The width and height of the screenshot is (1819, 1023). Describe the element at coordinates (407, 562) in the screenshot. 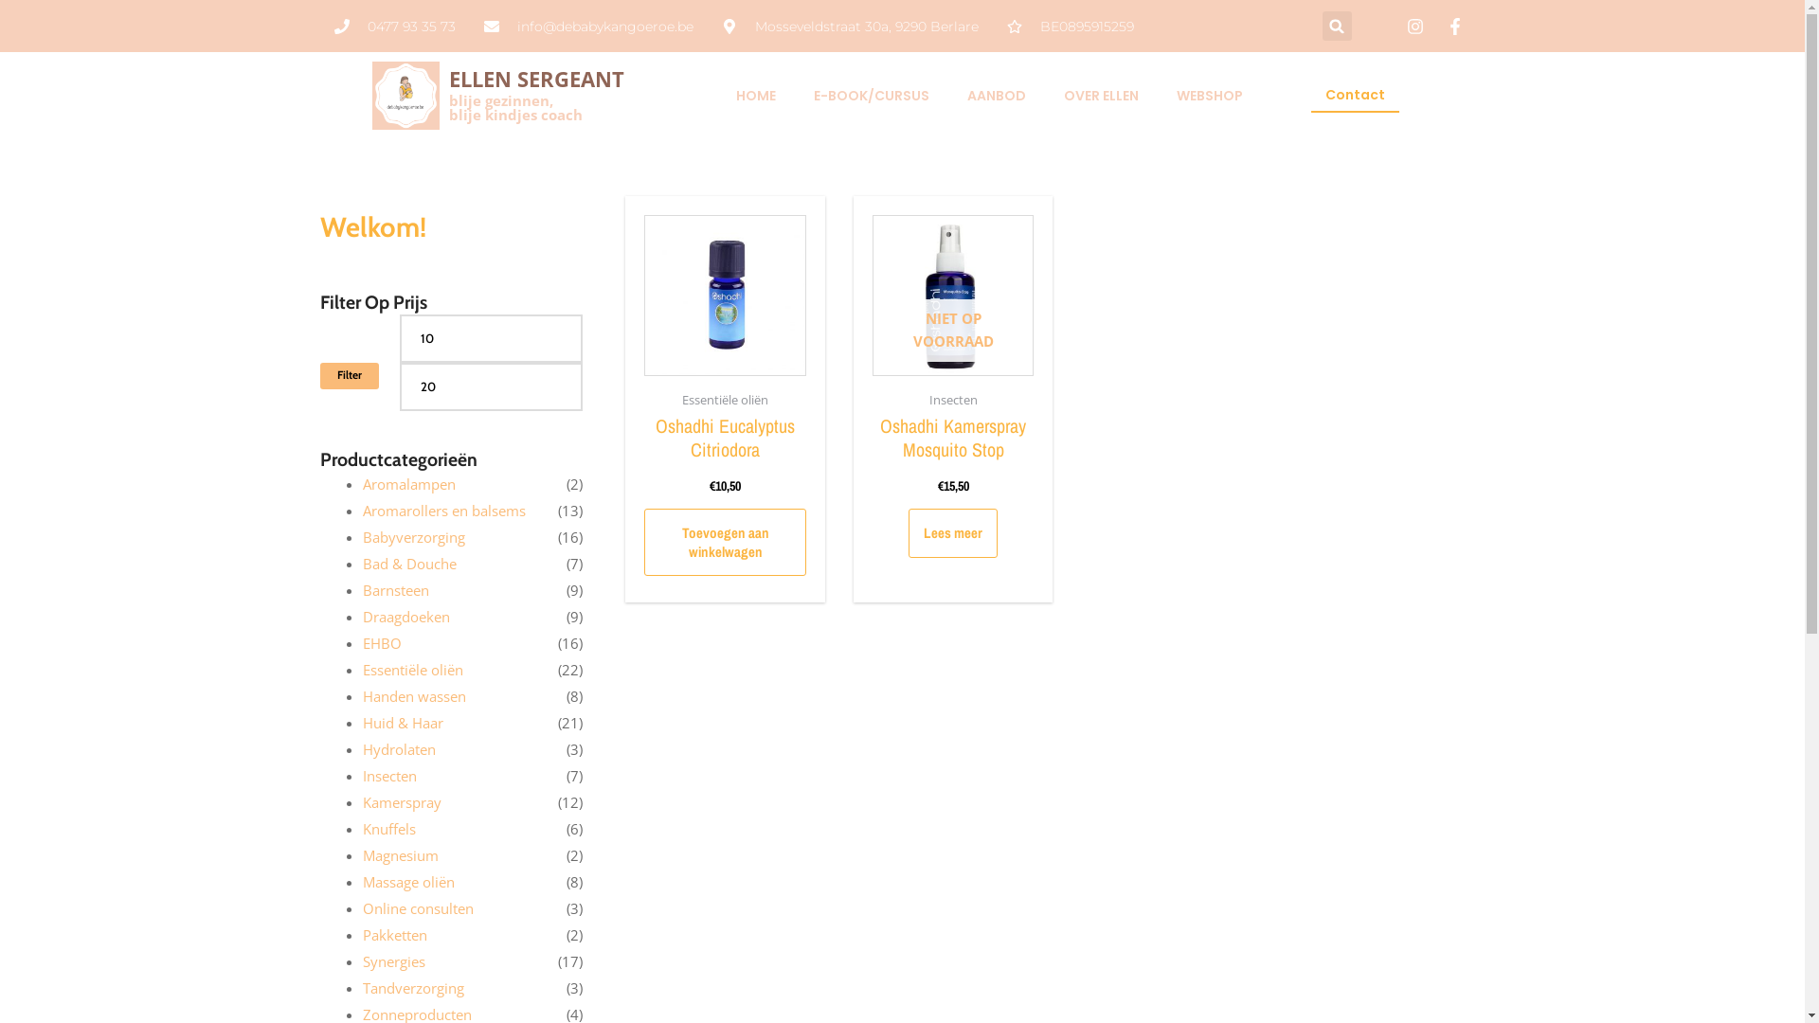

I see `'Bad & Douche'` at that location.